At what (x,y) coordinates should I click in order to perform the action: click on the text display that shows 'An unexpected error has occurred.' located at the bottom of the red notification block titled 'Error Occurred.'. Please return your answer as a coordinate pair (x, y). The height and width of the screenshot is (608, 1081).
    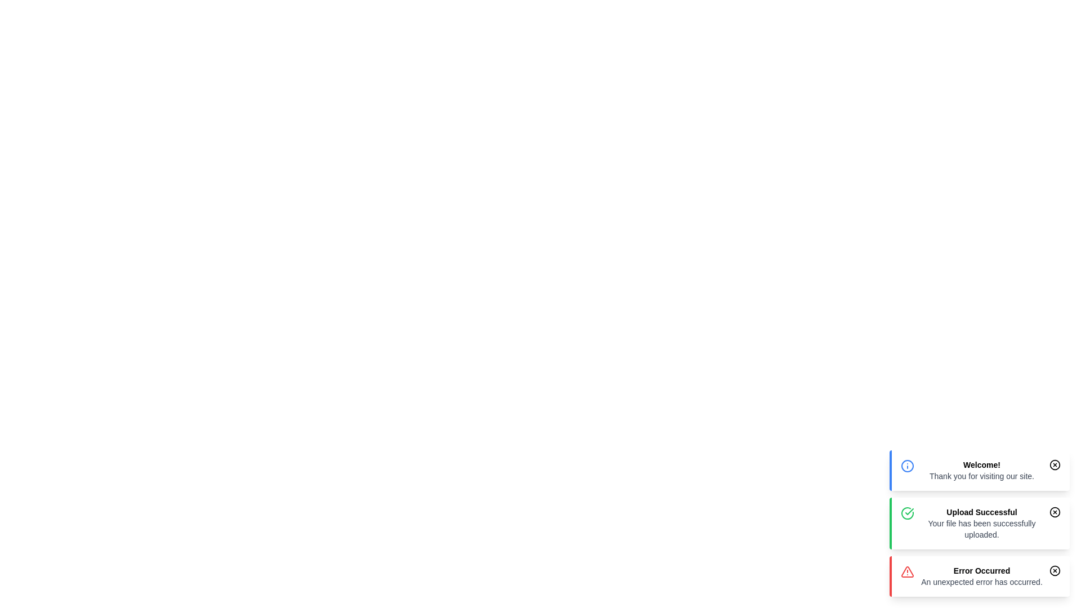
    Looking at the image, I should click on (981, 582).